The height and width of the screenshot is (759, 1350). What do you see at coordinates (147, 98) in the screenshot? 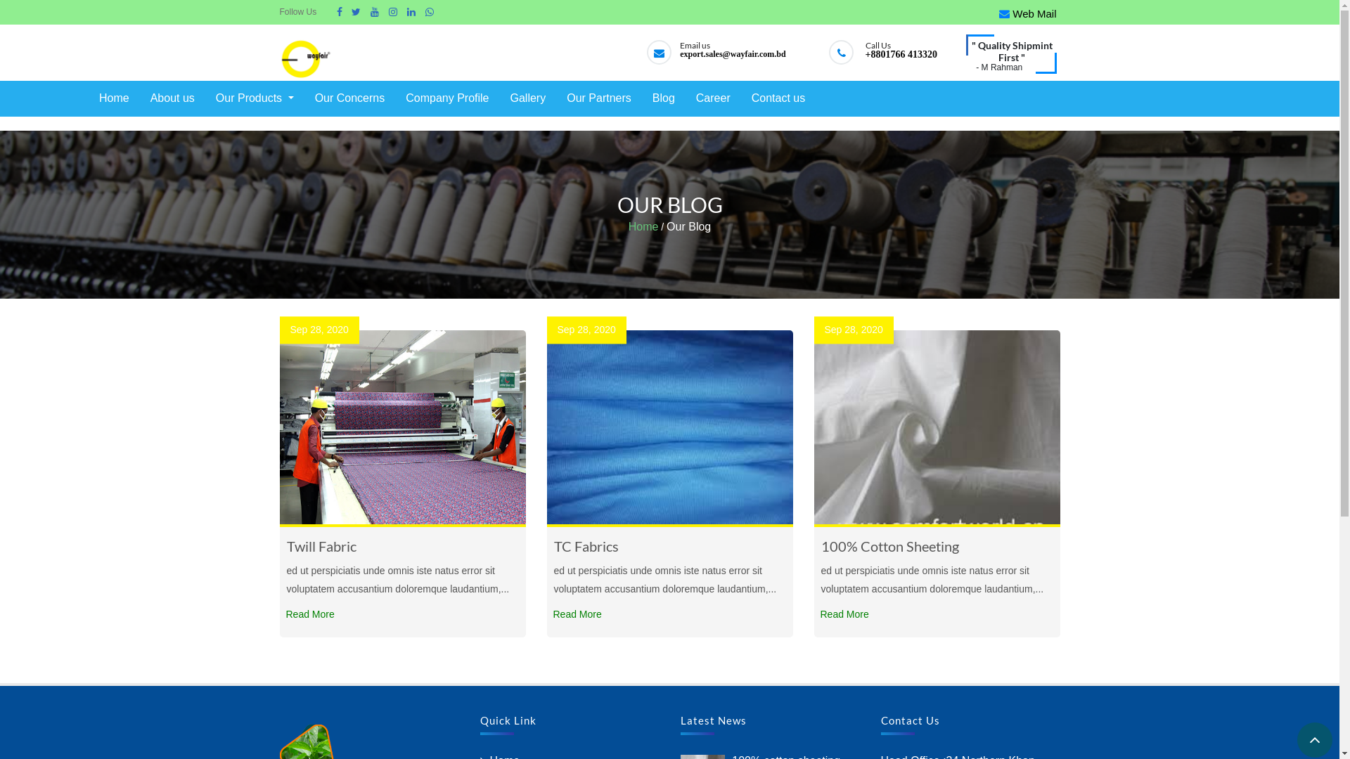
I see `'About us'` at bounding box center [147, 98].